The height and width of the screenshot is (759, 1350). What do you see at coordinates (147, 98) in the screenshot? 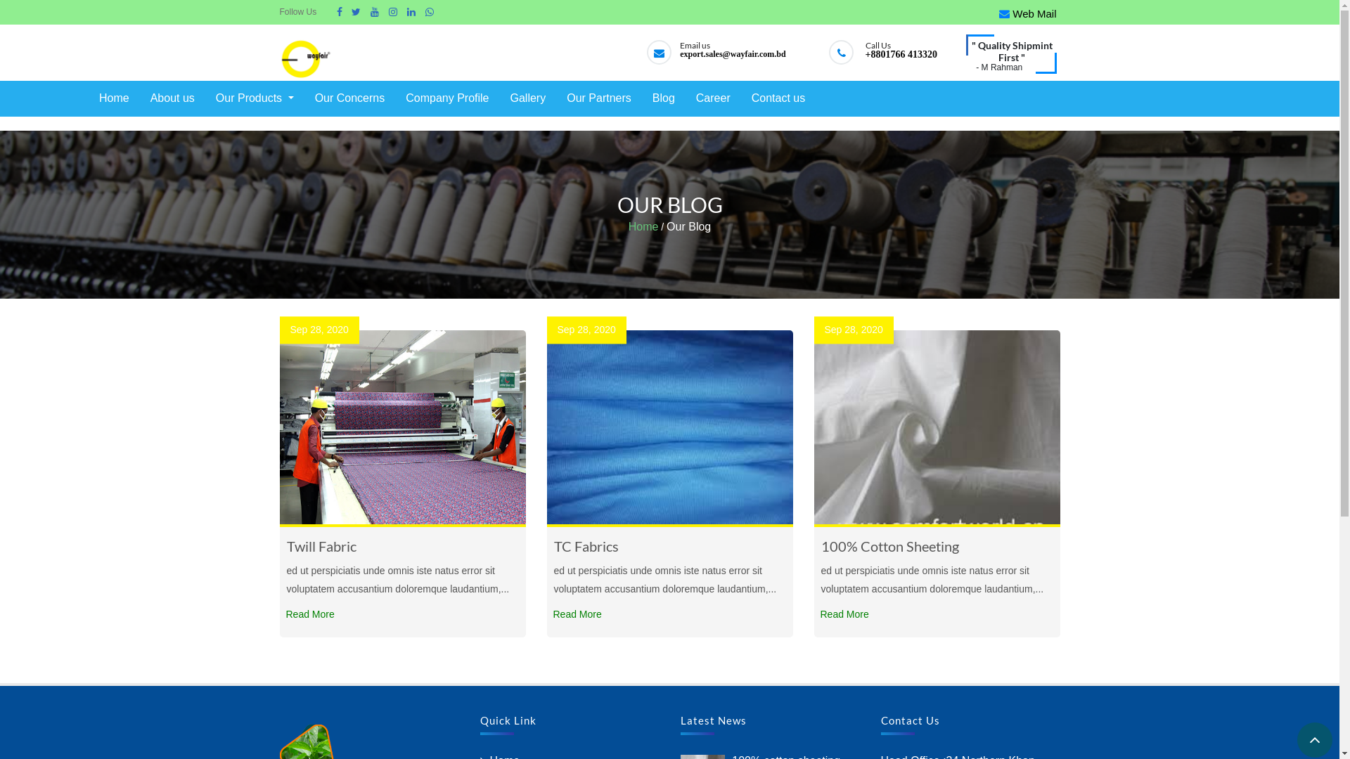
I see `'About us'` at bounding box center [147, 98].